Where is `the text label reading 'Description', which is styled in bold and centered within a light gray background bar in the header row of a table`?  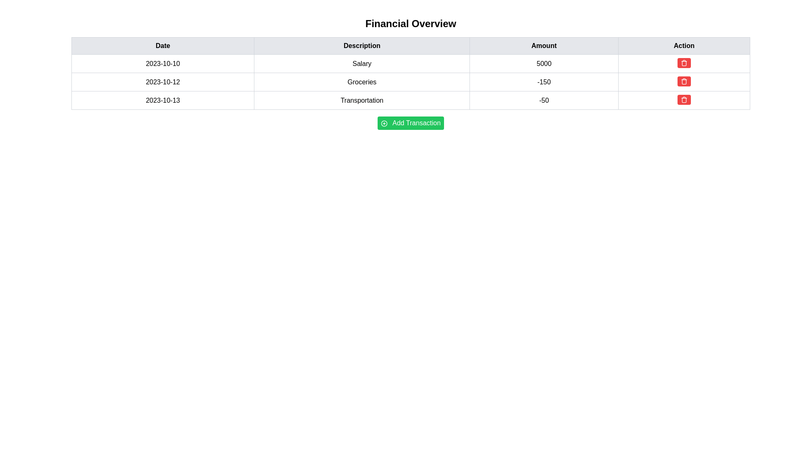
the text label reading 'Description', which is styled in bold and centered within a light gray background bar in the header row of a table is located at coordinates (362, 46).